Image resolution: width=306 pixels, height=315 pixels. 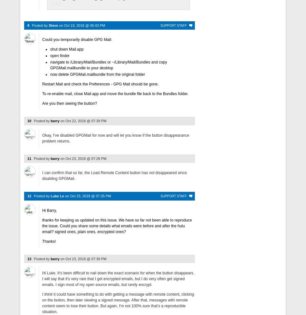 I want to click on 'Oct 23, 2018 @ 07:35 PM', so click(x=70, y=195).